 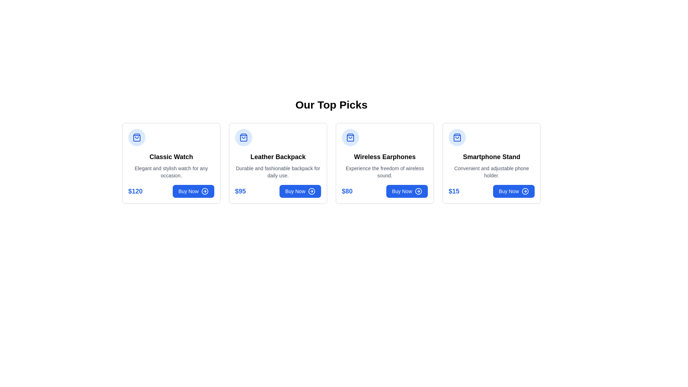 What do you see at coordinates (525, 191) in the screenshot?
I see `the circular icon with a right-pointing arrow embedded in the 'Buy Now' button of the 'Smartphone Stand' card, located on the right side of the button` at bounding box center [525, 191].